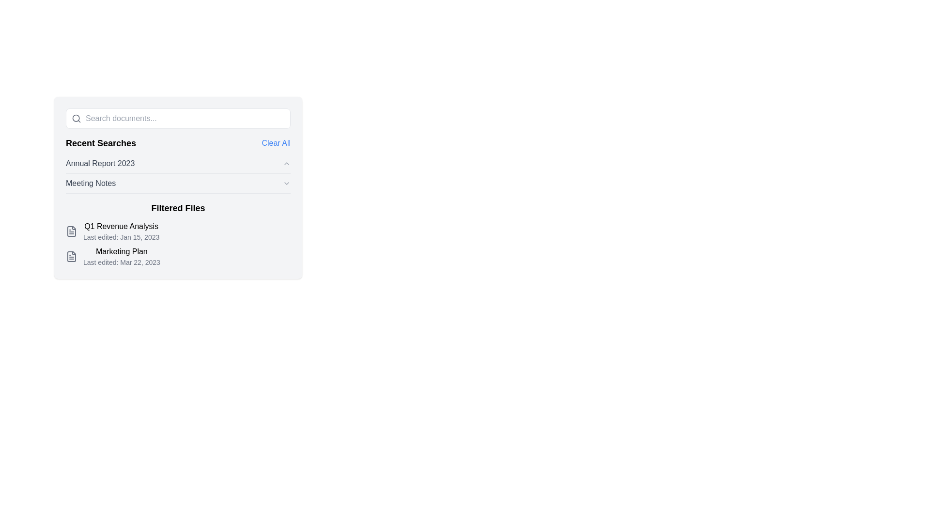 The height and width of the screenshot is (523, 930). I want to click on the 'Meeting Notes' Dropdown Trigger, so click(178, 183).